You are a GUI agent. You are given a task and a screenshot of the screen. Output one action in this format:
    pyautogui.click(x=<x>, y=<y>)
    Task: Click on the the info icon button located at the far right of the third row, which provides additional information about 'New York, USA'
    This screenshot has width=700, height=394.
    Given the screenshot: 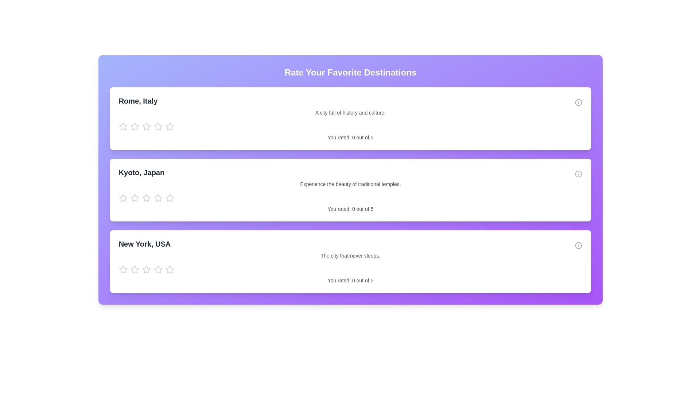 What is the action you would take?
    pyautogui.click(x=578, y=245)
    